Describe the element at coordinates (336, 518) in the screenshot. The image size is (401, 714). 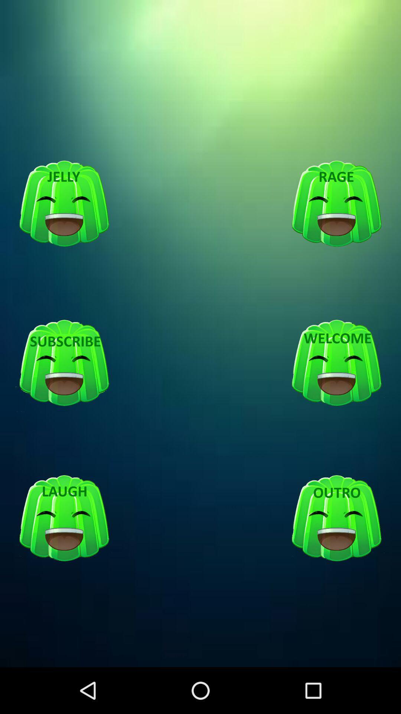
I see `outro` at that location.